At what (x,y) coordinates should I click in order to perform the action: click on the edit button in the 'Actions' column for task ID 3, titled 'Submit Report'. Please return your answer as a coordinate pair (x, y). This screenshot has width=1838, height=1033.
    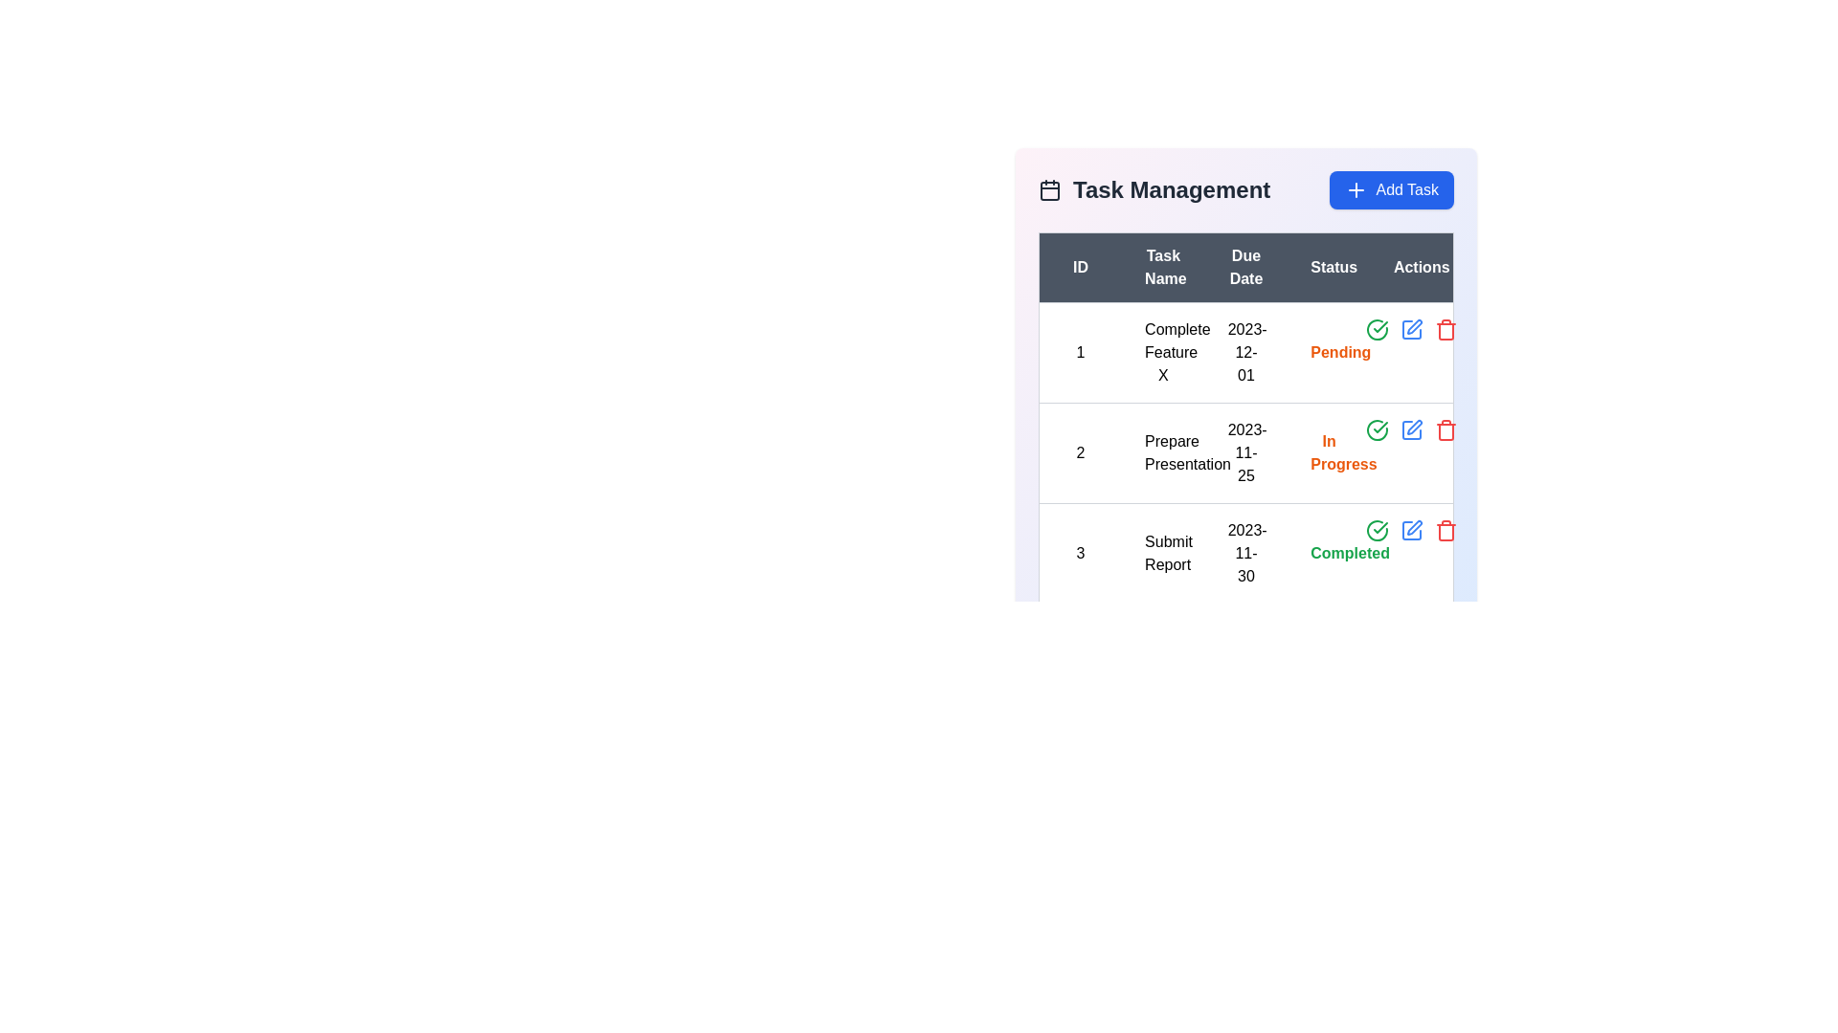
    Looking at the image, I should click on (1411, 531).